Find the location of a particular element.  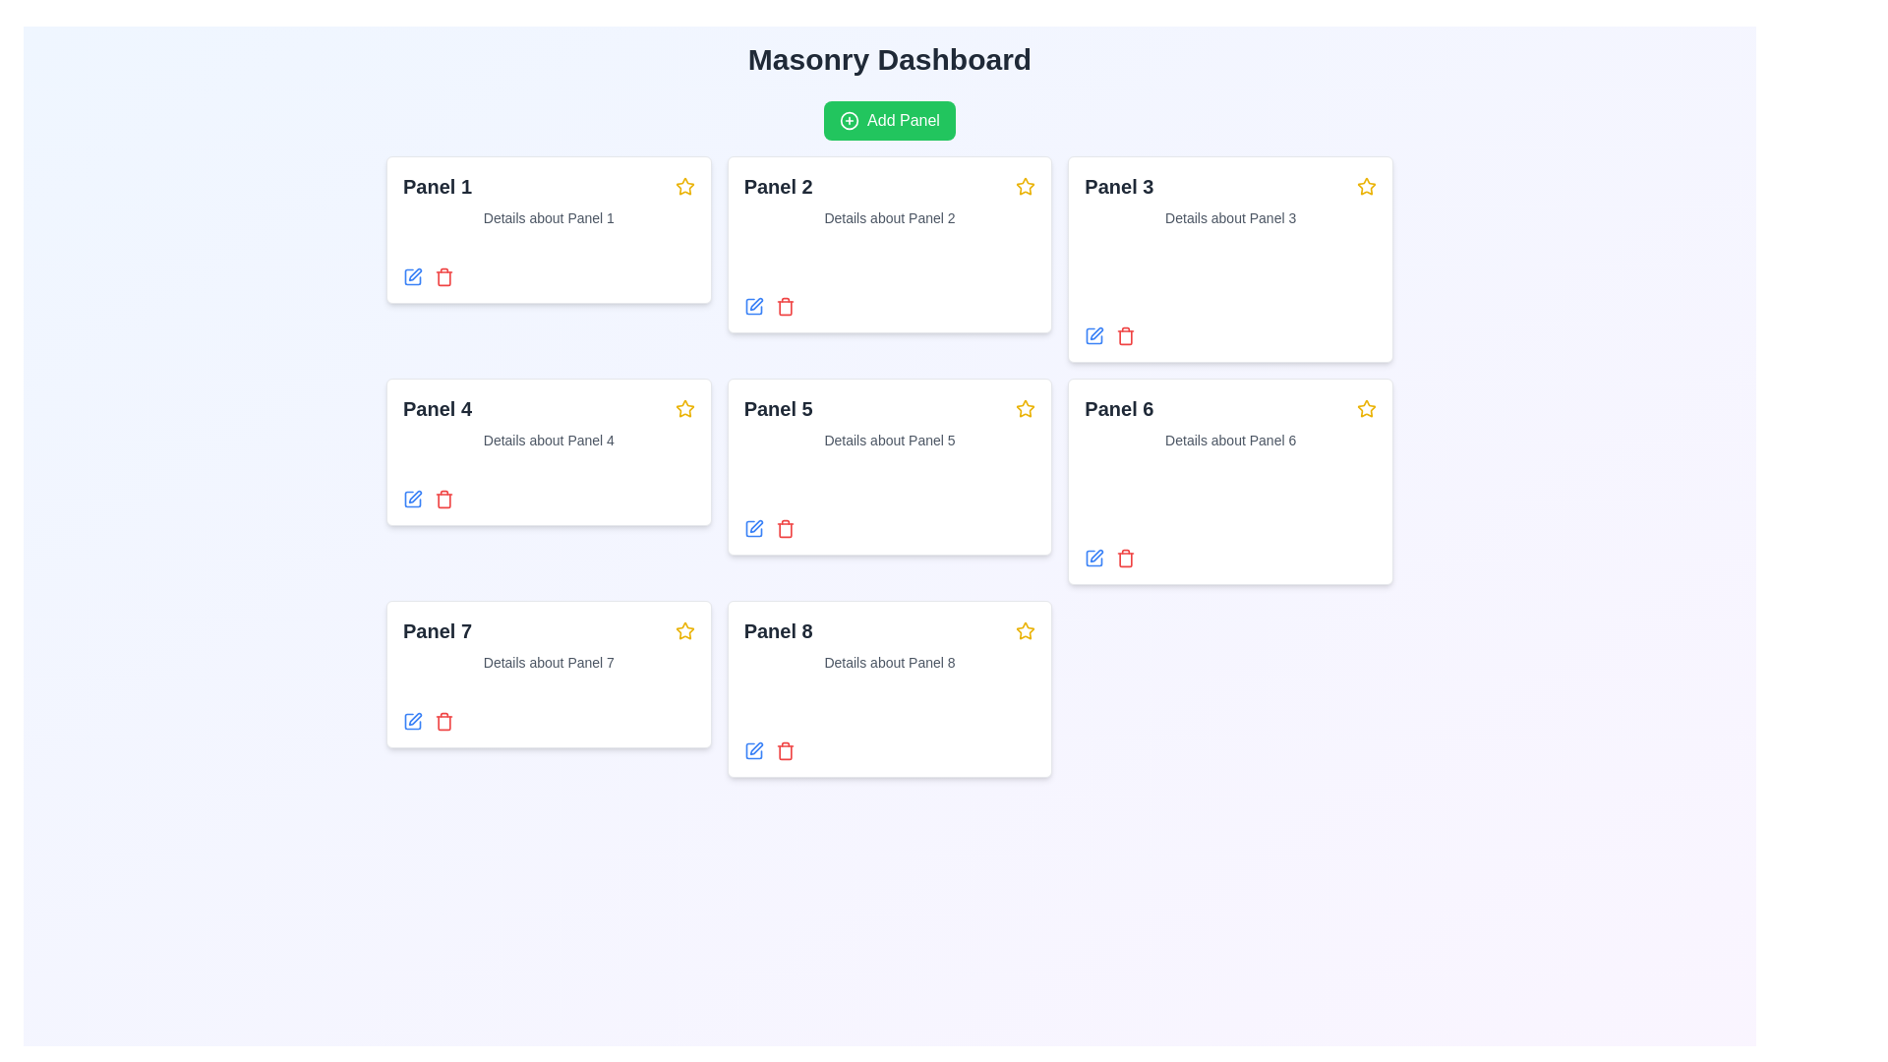

the delete button located to the right of the blue edit pen icon, which is the second item is located at coordinates (1126, 558).